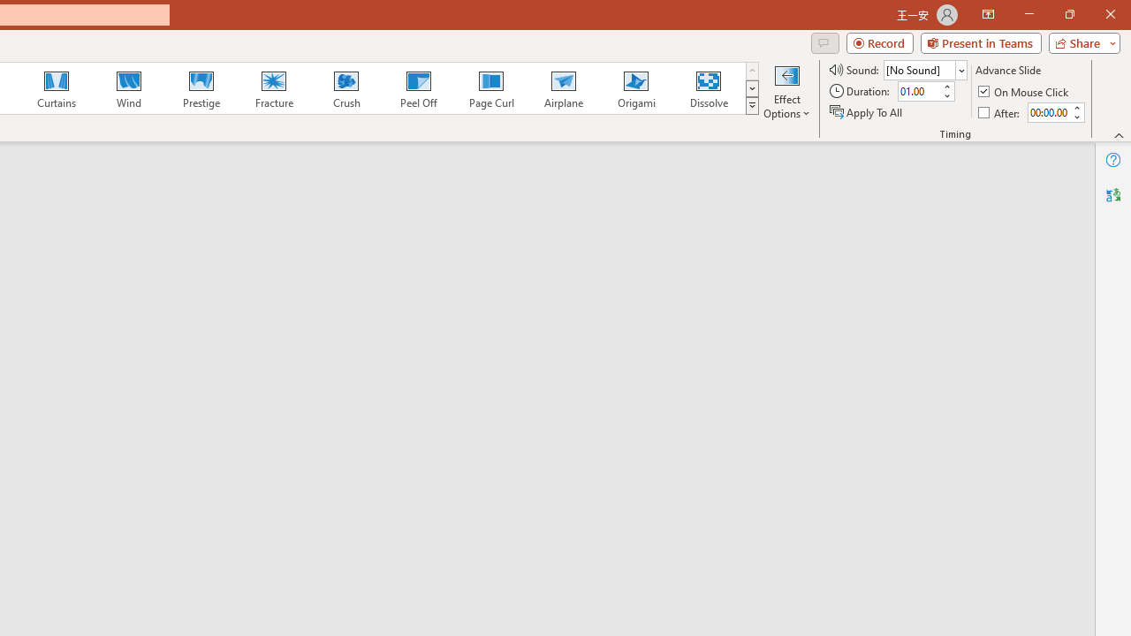 The height and width of the screenshot is (636, 1131). What do you see at coordinates (752, 106) in the screenshot?
I see `'Transition Effects'` at bounding box center [752, 106].